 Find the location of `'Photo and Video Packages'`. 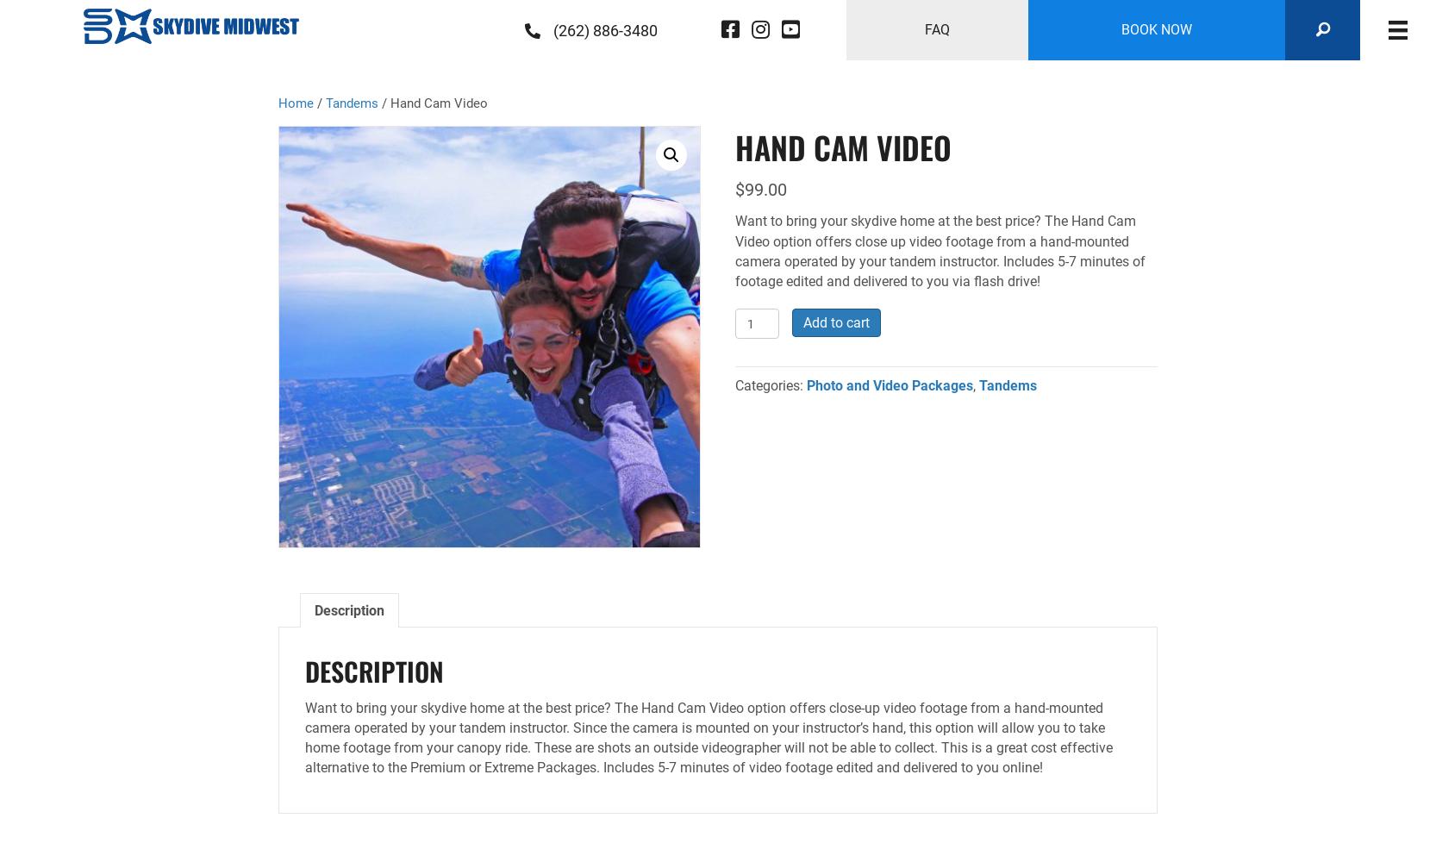

'Photo and Video Packages' is located at coordinates (805, 384).